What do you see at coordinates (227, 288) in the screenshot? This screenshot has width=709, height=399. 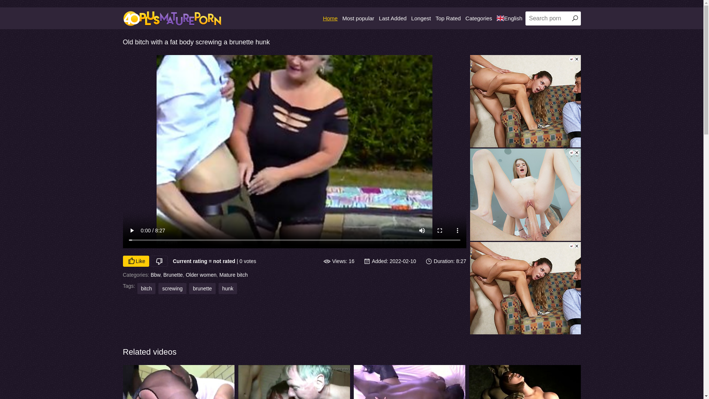 I see `'hunk'` at bounding box center [227, 288].